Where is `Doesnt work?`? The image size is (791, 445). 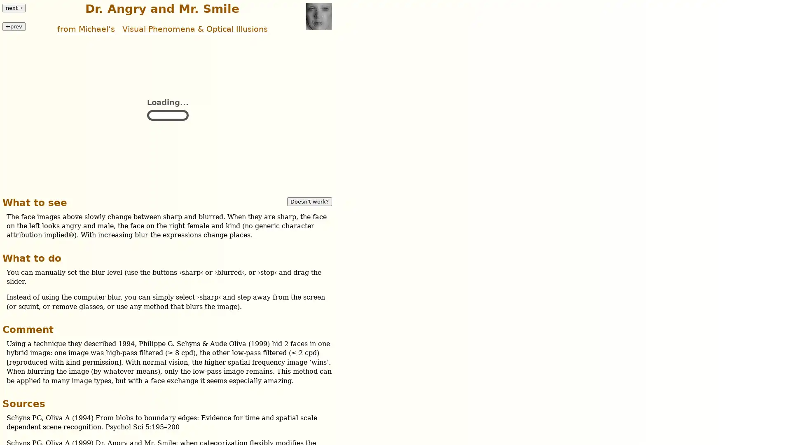 Doesnt work? is located at coordinates (309, 201).